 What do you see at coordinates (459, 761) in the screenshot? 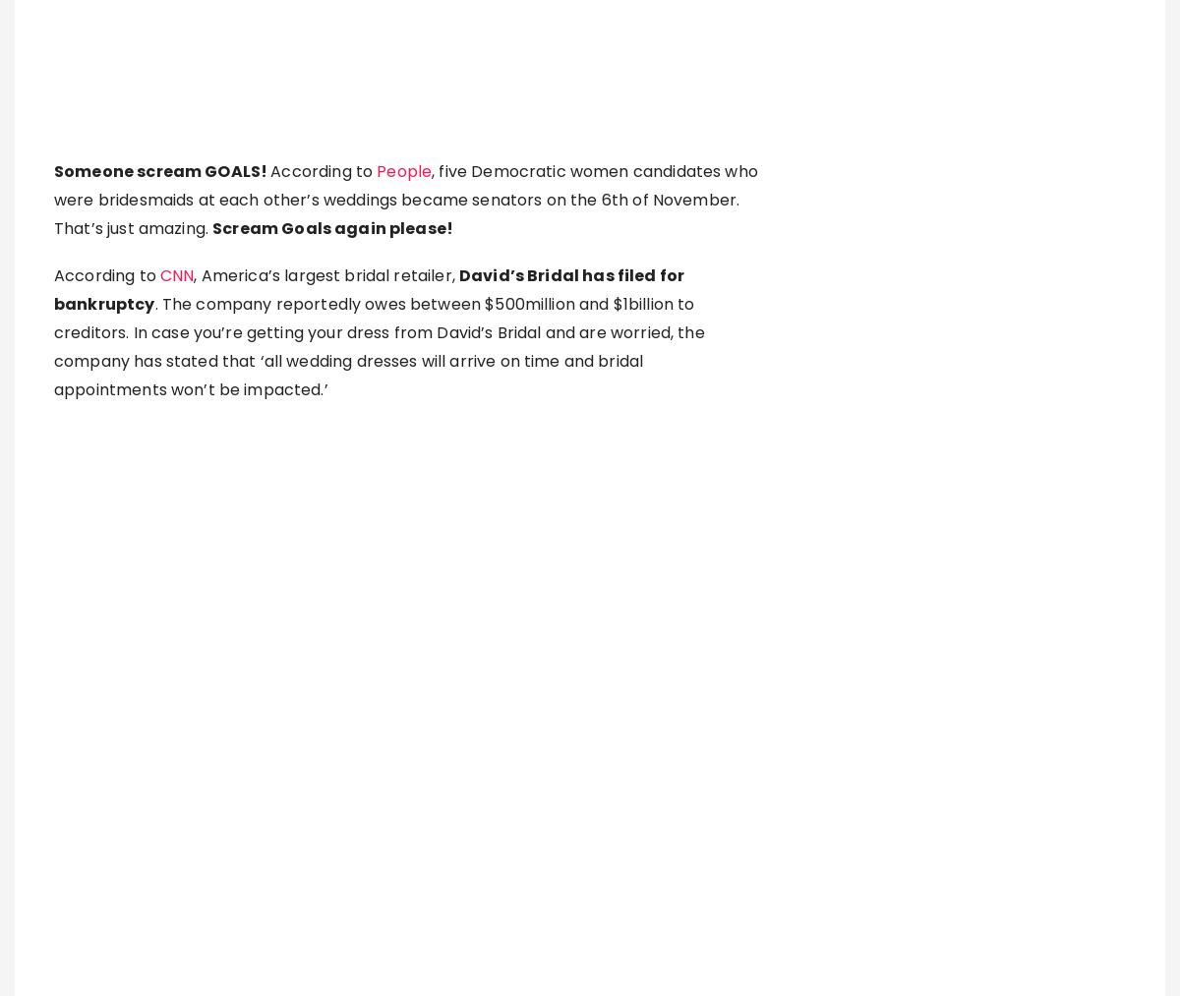
I see `'Rain Vedutti'` at bounding box center [459, 761].